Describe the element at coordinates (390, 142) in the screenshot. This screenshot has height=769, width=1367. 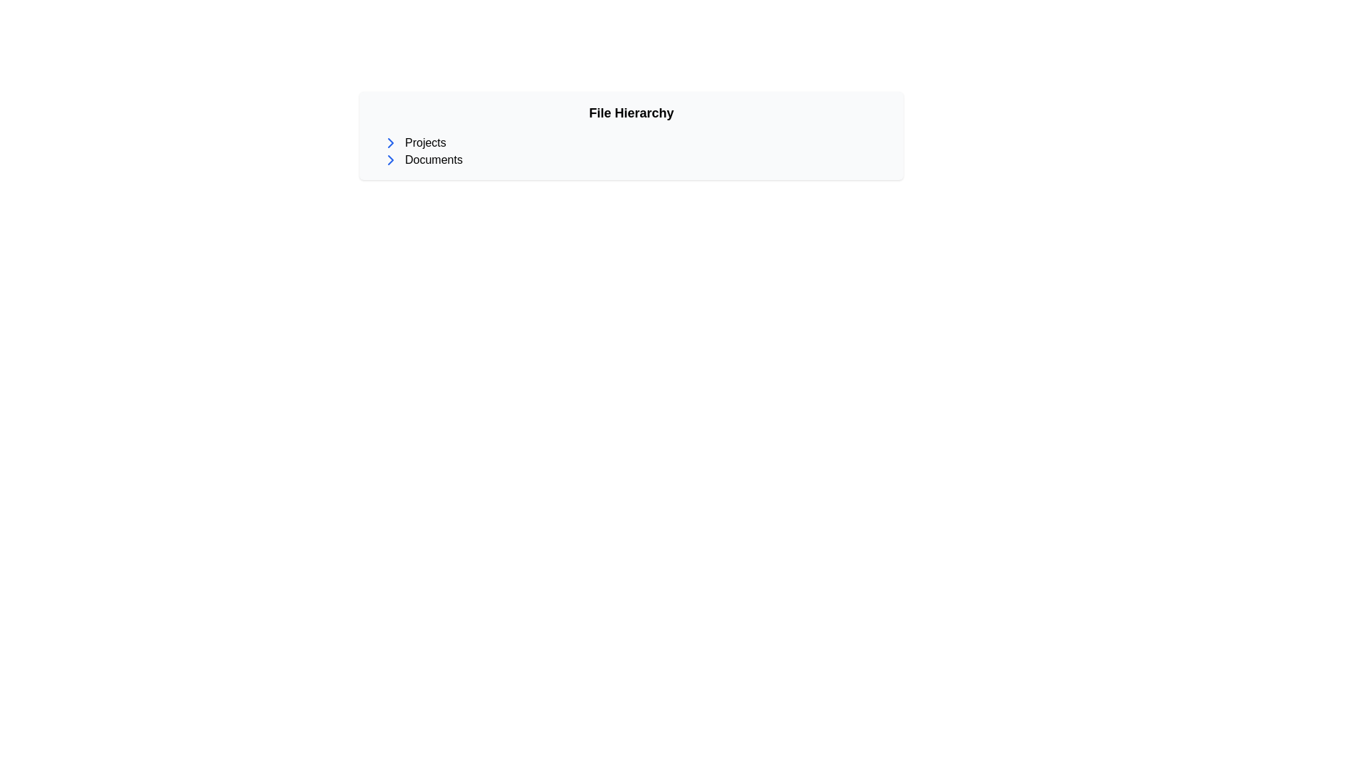
I see `the chevron icon located next to the 'Documents' text, which serves as a toggle for expanding or collapsing a sublist` at that location.